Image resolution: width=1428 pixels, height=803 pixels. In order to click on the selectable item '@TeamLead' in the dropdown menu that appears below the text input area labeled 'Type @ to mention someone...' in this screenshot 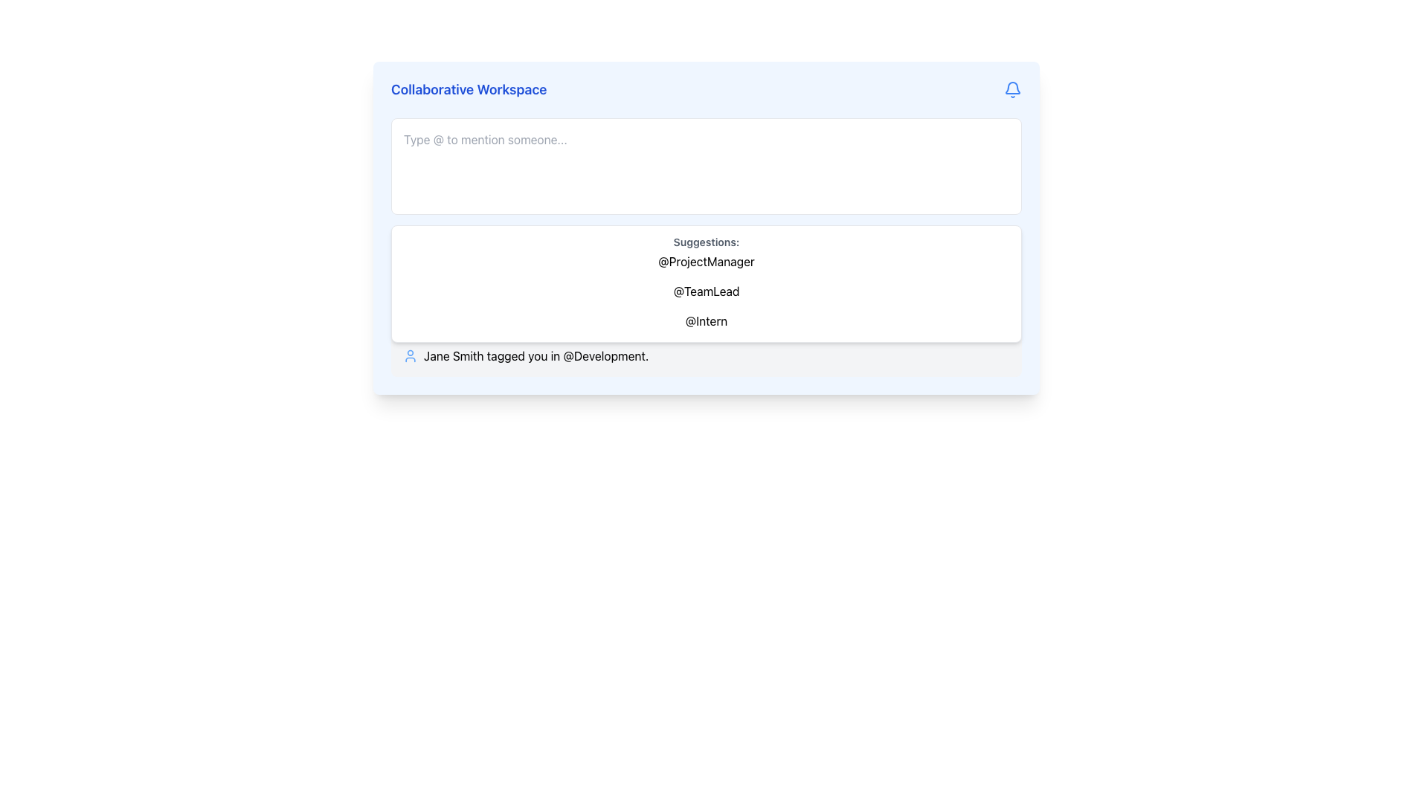, I will do `click(706, 283)`.